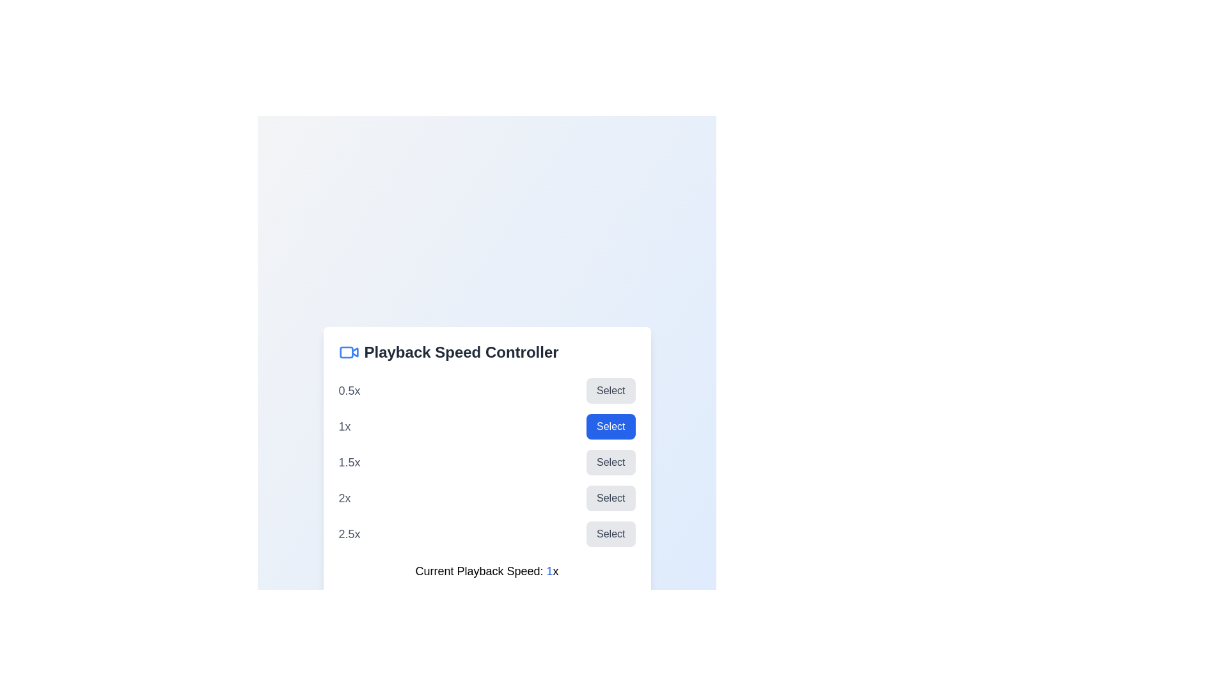 The image size is (1228, 691). What do you see at coordinates (486, 462) in the screenshot?
I see `the 'Select' button in the playback speed options to choose the speed of '1.5x'` at bounding box center [486, 462].